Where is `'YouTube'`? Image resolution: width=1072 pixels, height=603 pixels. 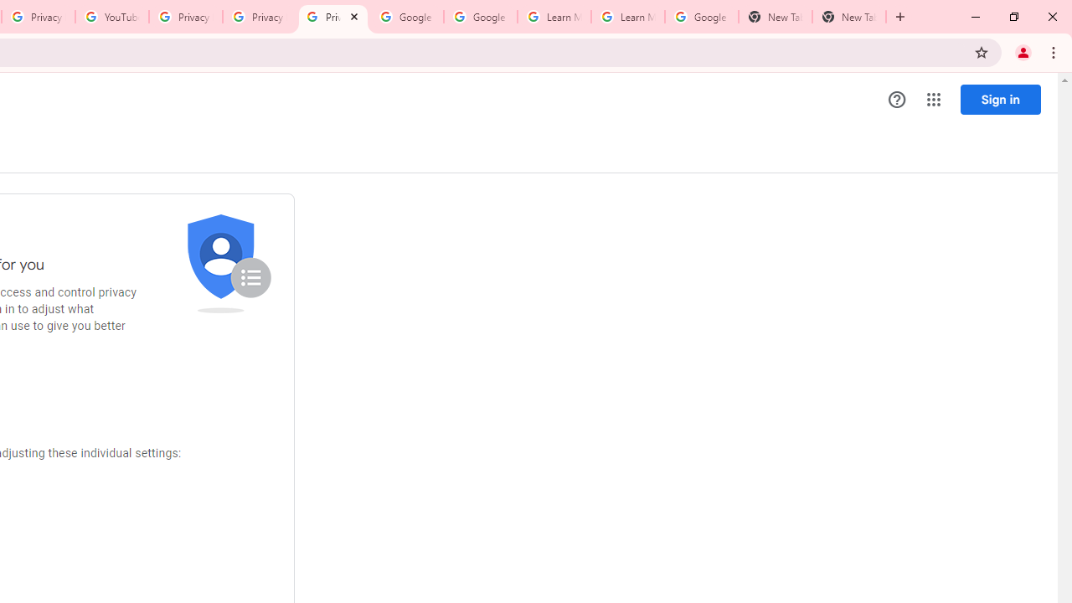
'YouTube' is located at coordinates (111, 17).